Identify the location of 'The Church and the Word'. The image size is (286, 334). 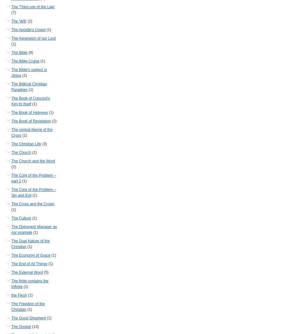
(11, 161).